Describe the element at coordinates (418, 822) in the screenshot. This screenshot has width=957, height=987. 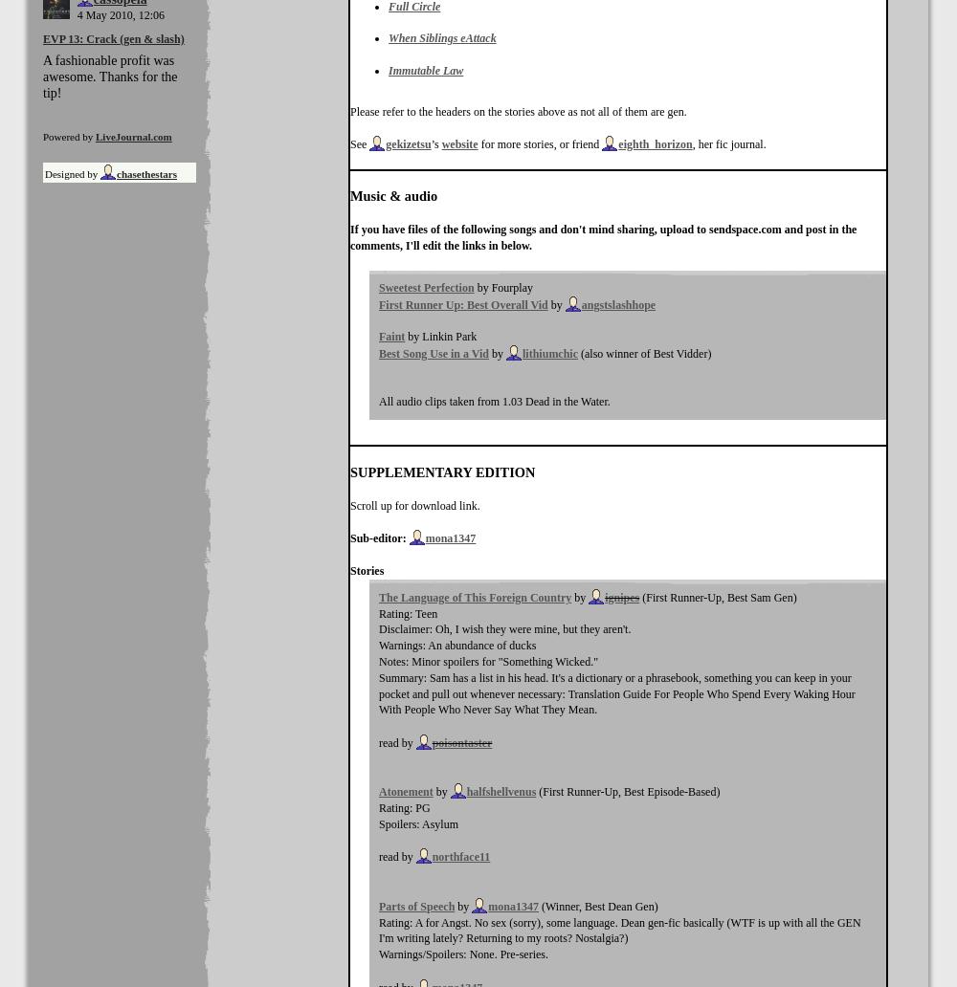
I see `'Spoilers: Asylum'` at that location.